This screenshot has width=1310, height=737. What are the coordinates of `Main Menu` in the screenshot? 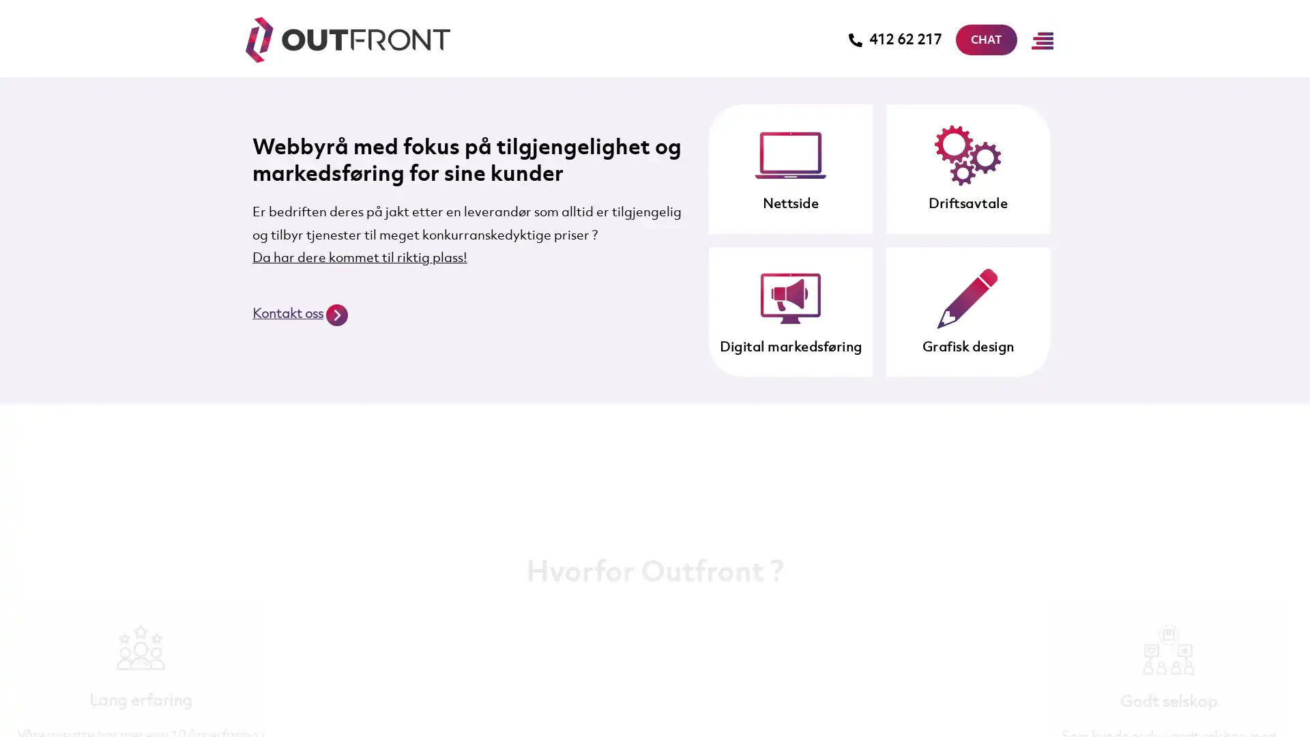 It's located at (1047, 45).